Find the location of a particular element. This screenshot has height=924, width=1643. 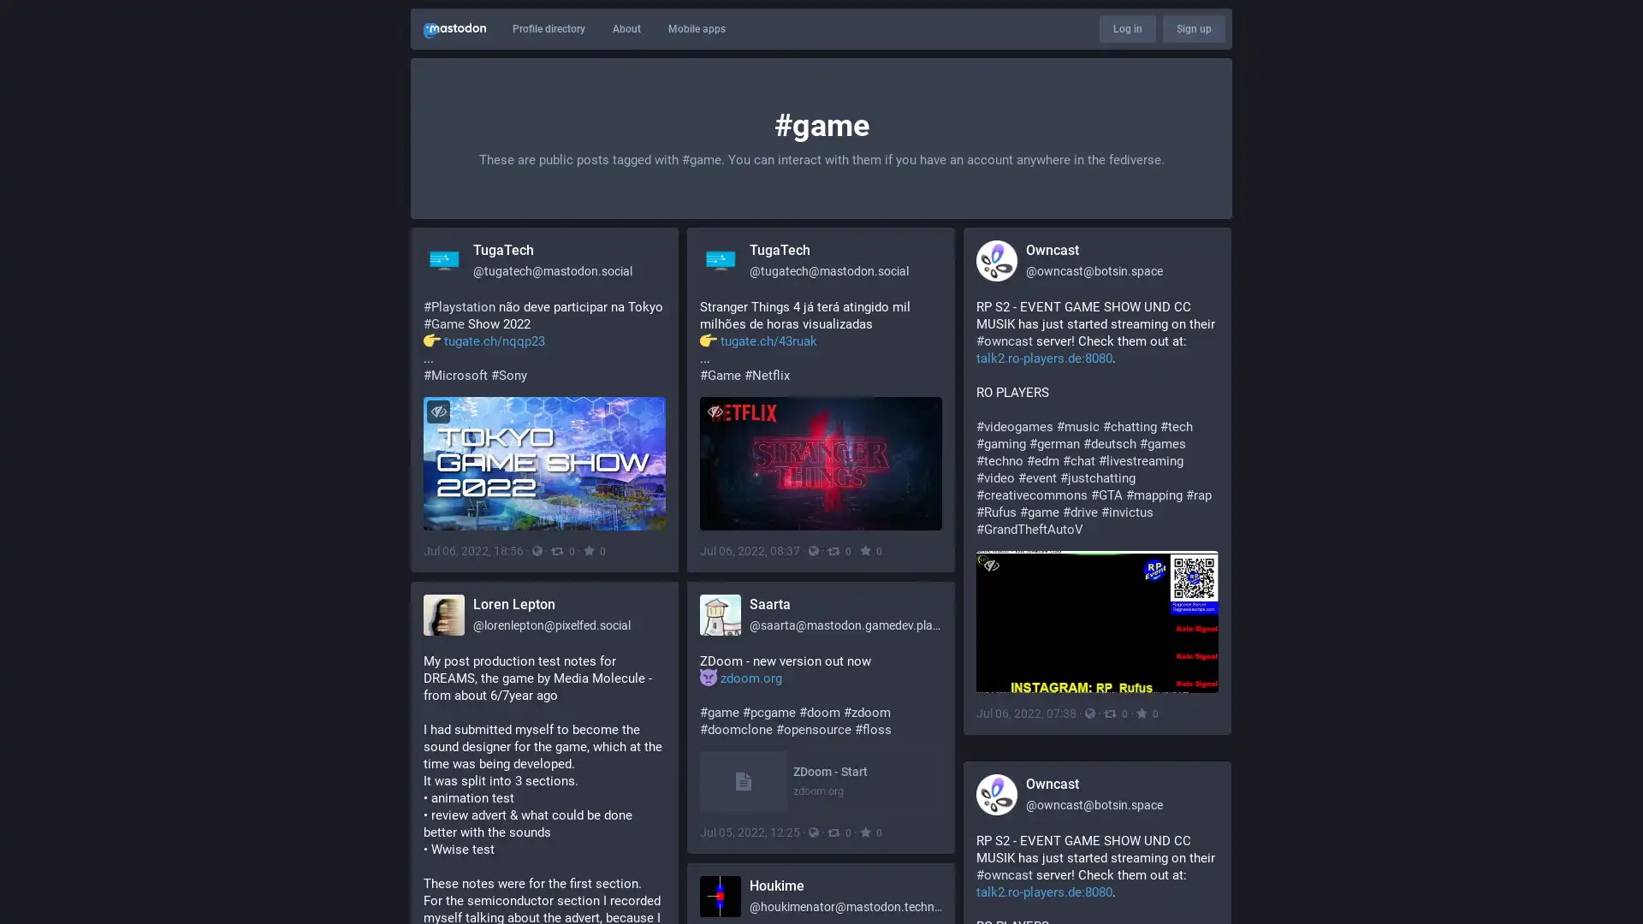

Hide image is located at coordinates (715, 411).